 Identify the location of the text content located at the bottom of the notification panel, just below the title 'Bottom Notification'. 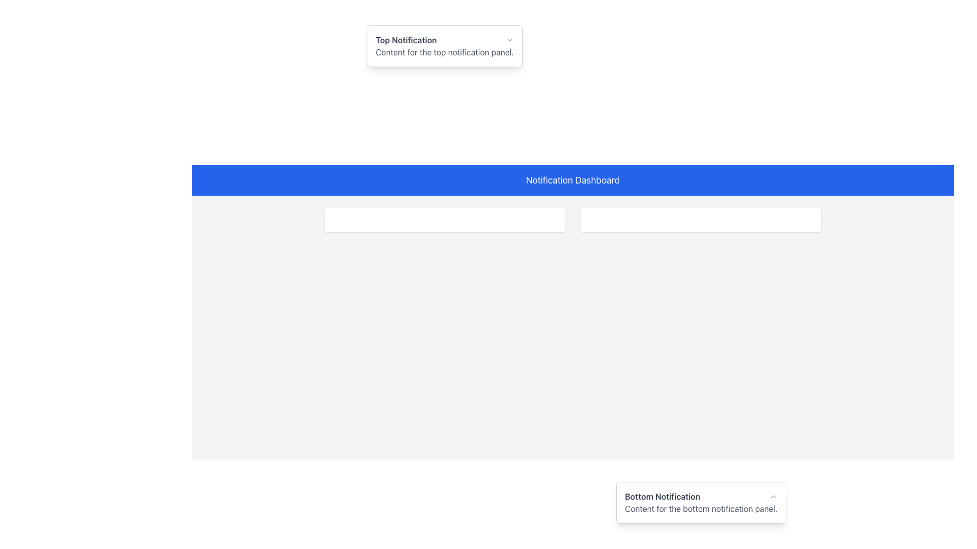
(700, 509).